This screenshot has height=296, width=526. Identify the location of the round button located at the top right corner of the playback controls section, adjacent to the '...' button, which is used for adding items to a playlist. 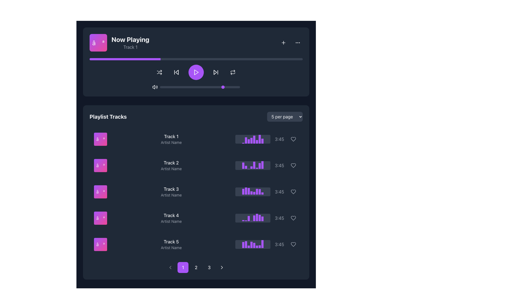
(284, 42).